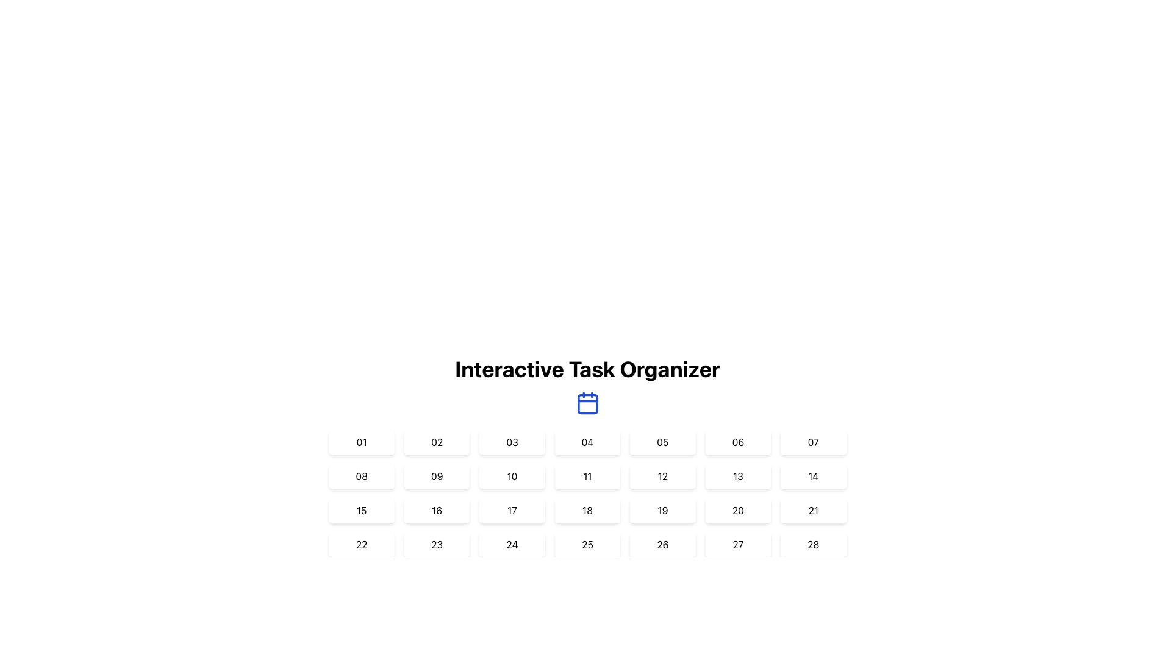 Image resolution: width=1171 pixels, height=658 pixels. I want to click on the button displaying the number '26' located in the fifth row and fifth position of the grid, so click(662, 544).